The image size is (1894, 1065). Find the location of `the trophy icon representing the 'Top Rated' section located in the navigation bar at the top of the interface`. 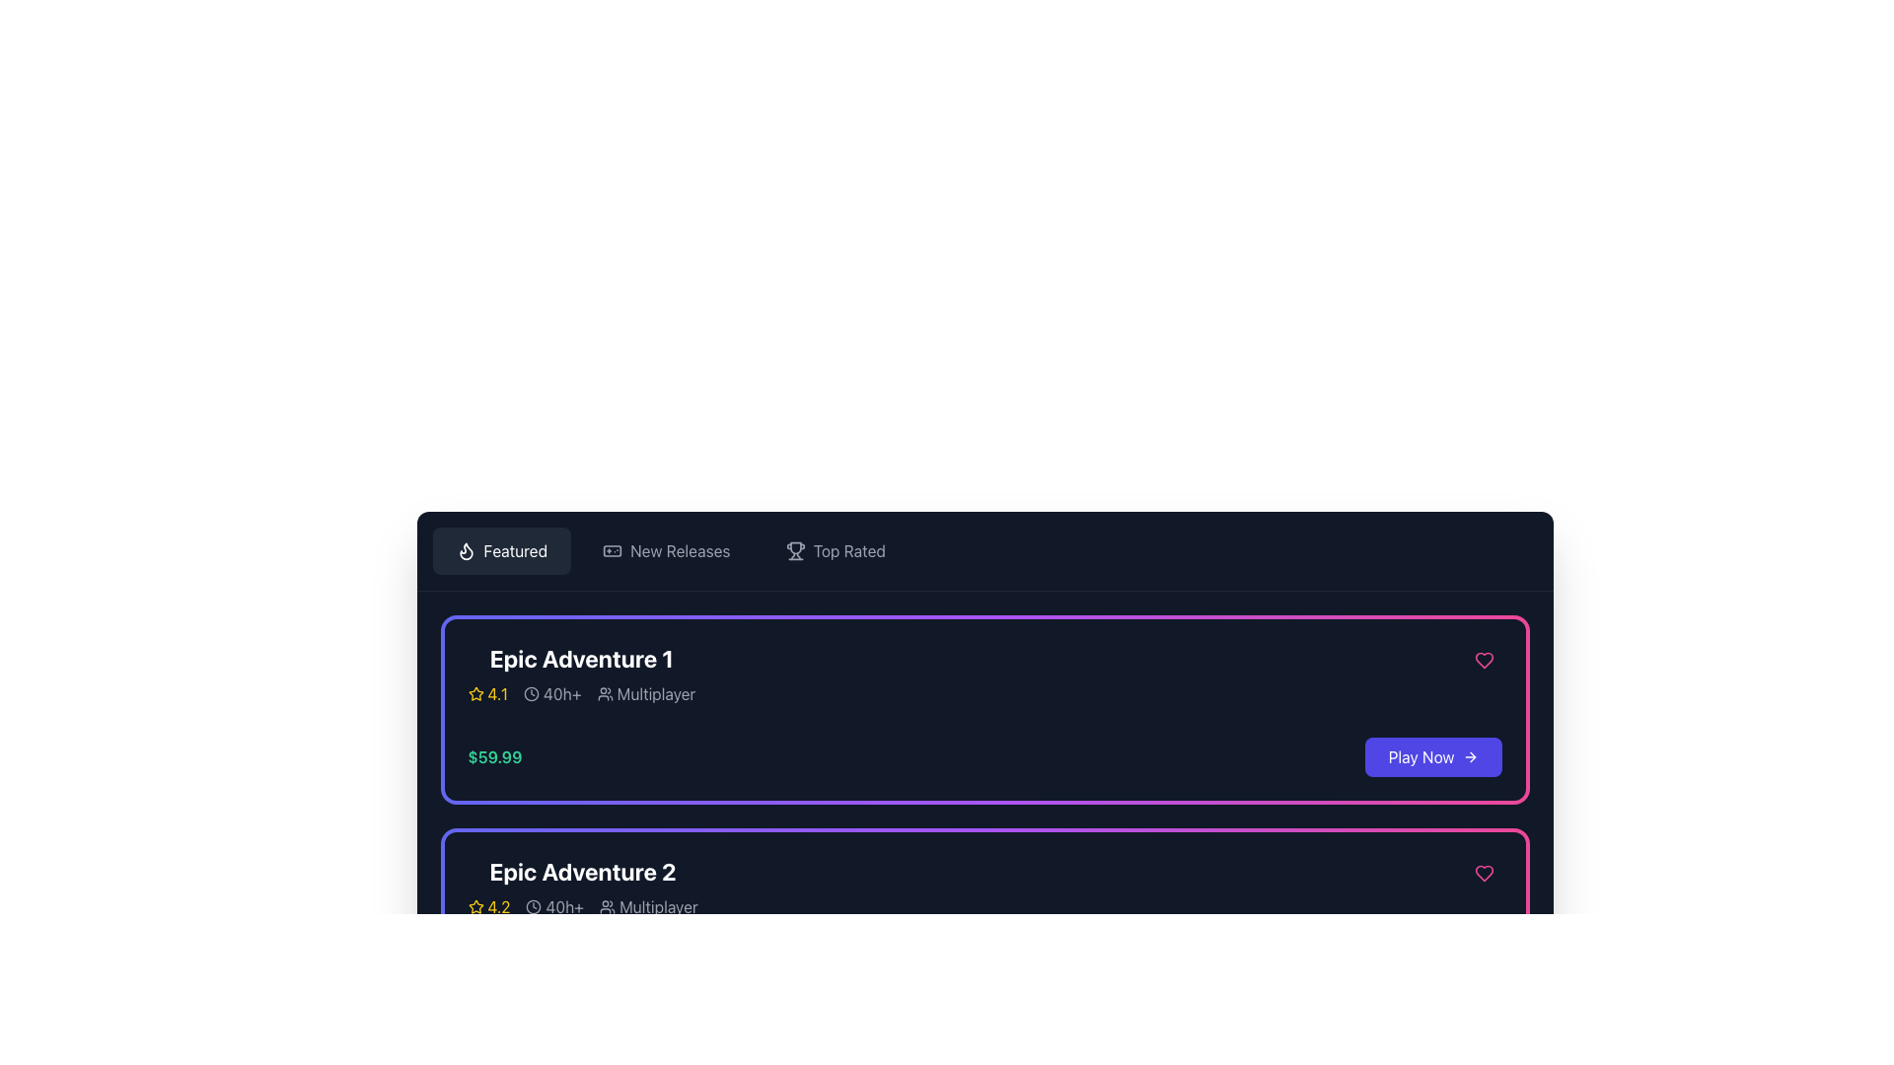

the trophy icon representing the 'Top Rated' section located in the navigation bar at the top of the interface is located at coordinates (795, 551).